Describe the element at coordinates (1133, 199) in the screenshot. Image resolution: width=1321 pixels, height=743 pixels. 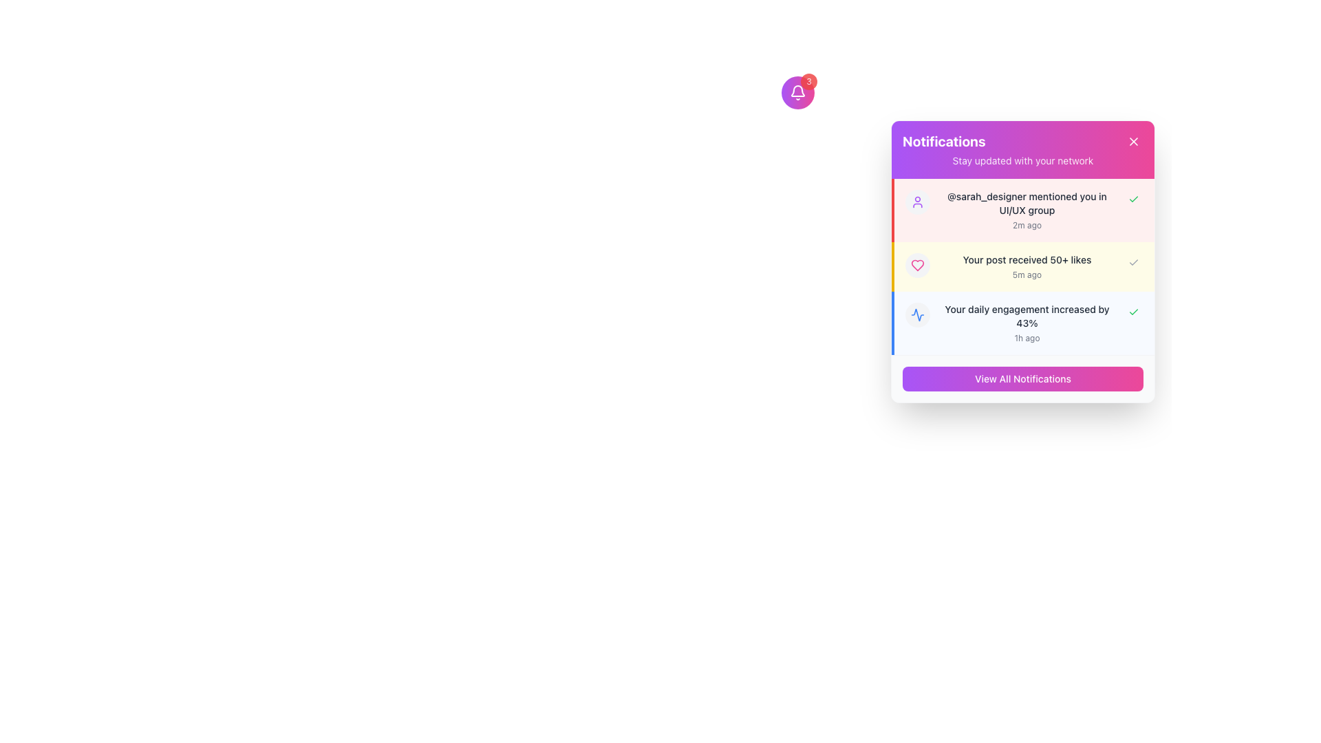
I see `the circular green checkmark button to mark the notification '@sarah_designer mentioned you in UI/UX group' as read` at that location.